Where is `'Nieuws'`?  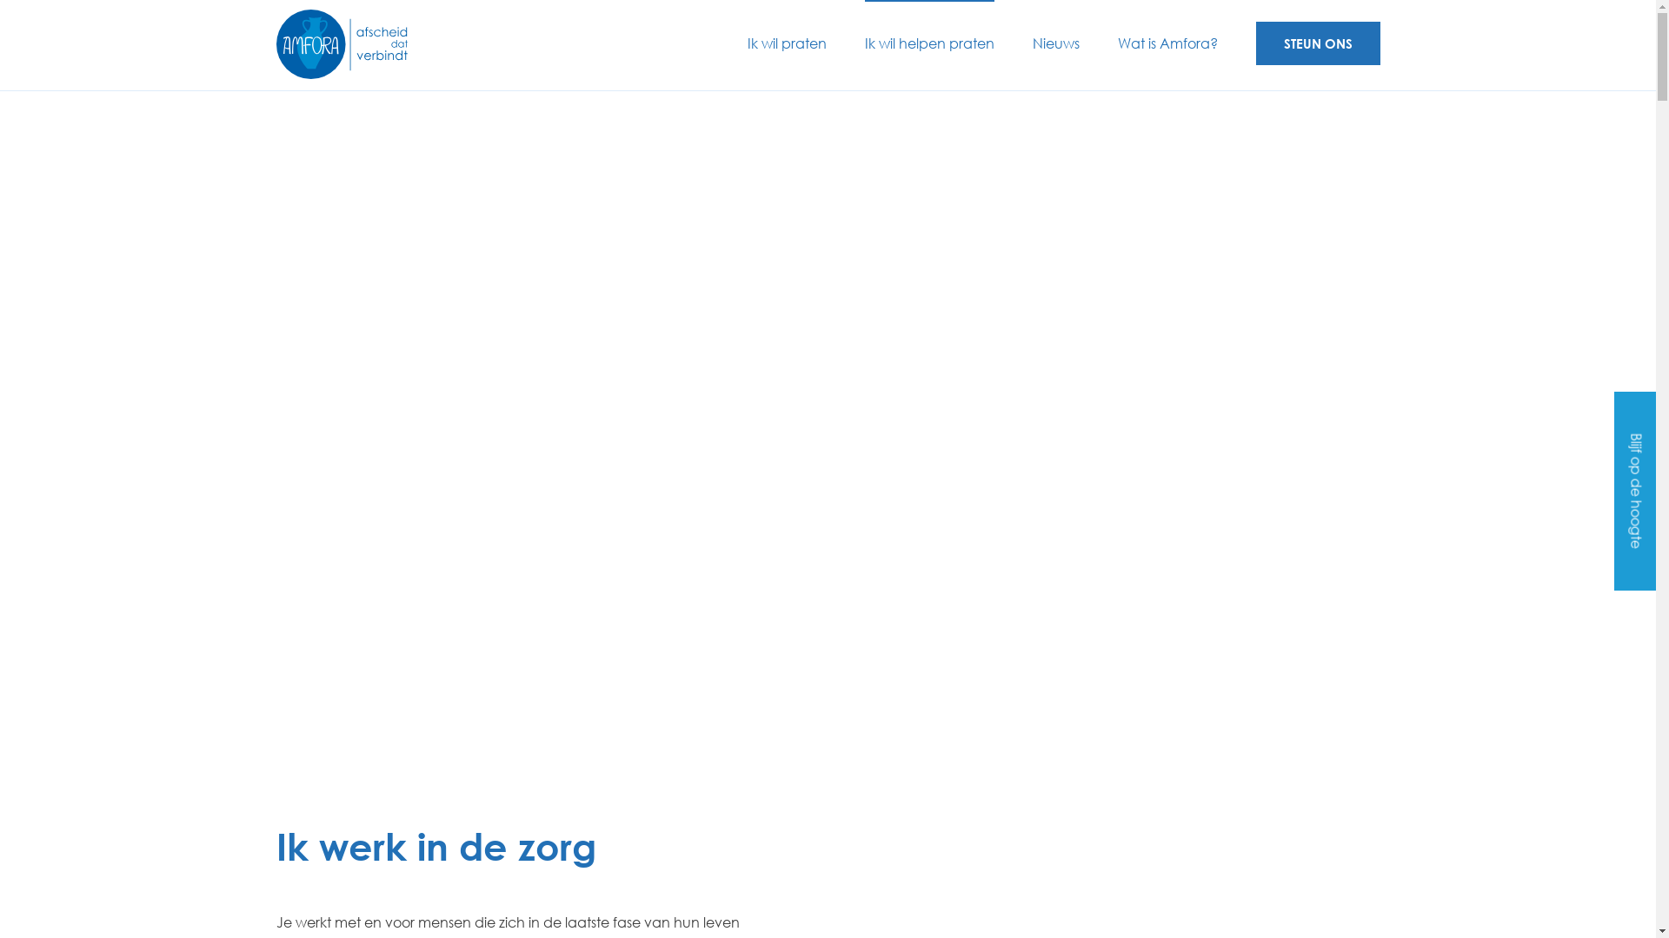
'Nieuws' is located at coordinates (1054, 43).